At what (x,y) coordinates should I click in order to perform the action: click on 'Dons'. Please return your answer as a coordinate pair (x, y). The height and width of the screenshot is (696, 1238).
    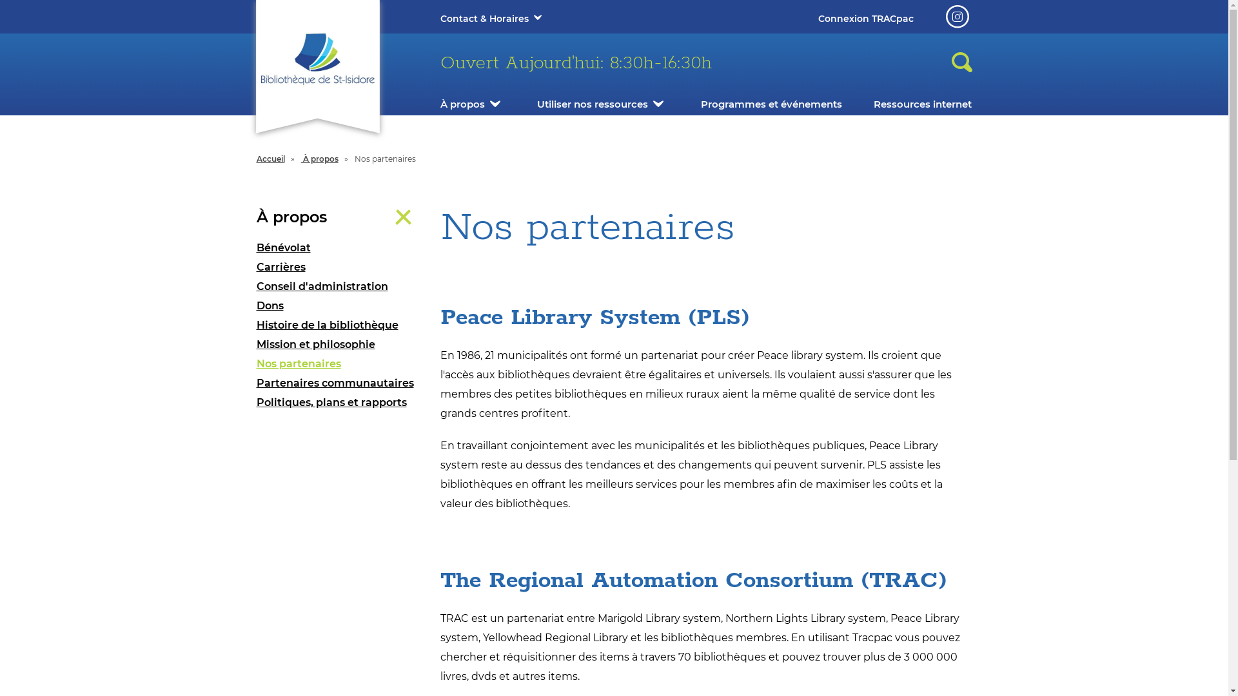
    Looking at the image, I should click on (257, 305).